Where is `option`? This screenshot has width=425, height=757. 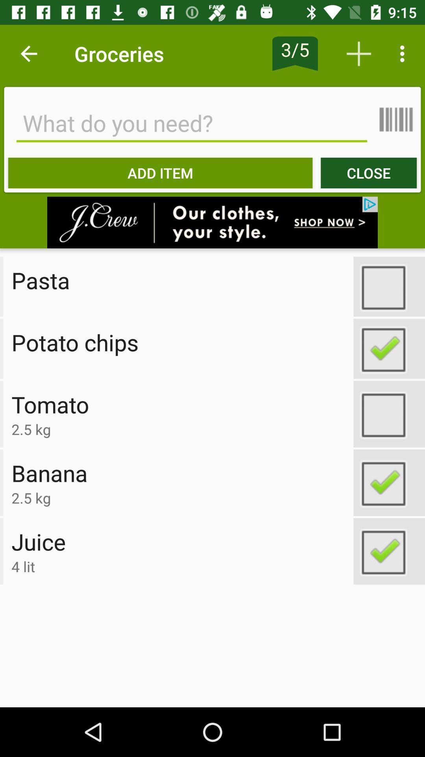
option is located at coordinates (389, 482).